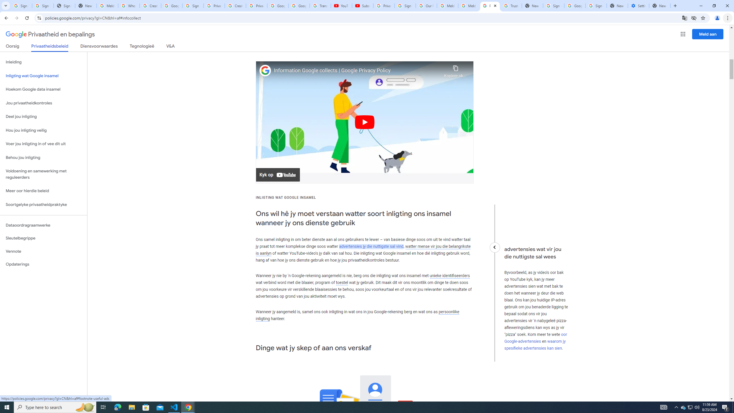  Describe the element at coordinates (265, 70) in the screenshot. I see `'Fotobeeld van Google'` at that location.